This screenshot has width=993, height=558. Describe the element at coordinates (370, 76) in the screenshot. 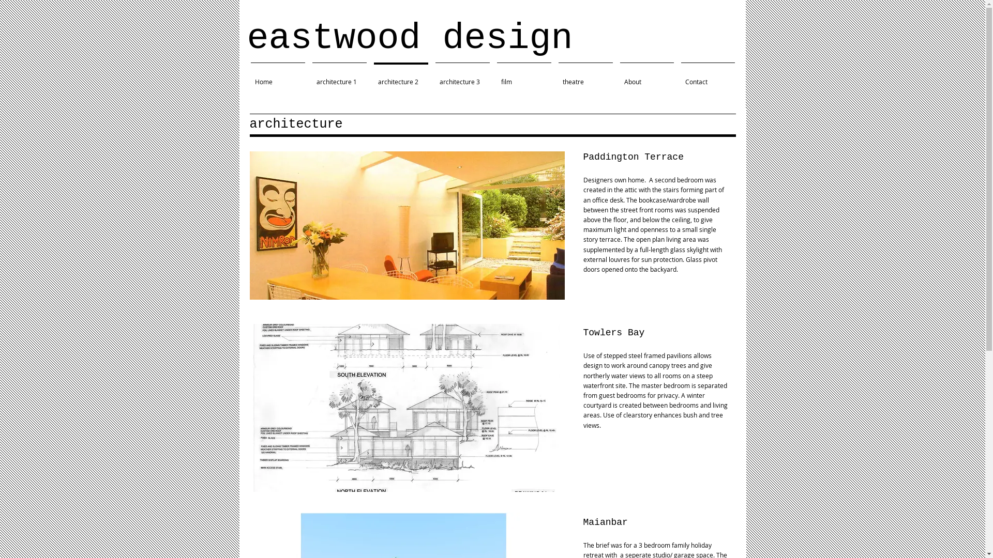

I see `'architecture 2'` at that location.